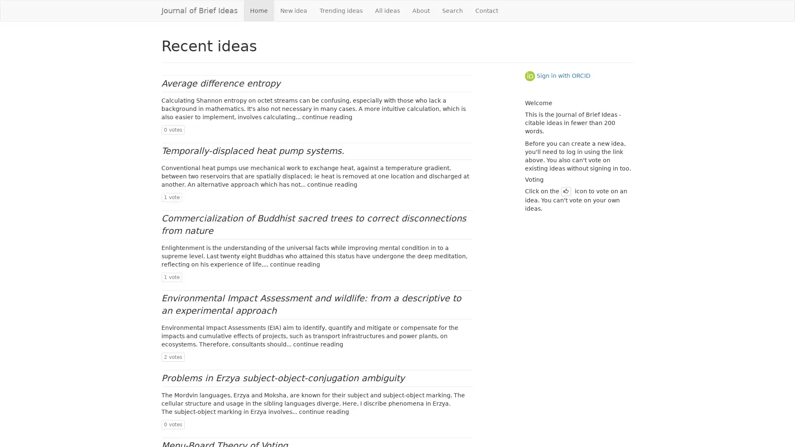  I want to click on 0 votes, so click(172, 425).